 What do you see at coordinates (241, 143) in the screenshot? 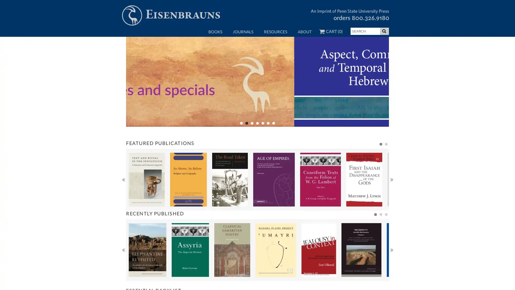
I see `1` at bounding box center [241, 143].